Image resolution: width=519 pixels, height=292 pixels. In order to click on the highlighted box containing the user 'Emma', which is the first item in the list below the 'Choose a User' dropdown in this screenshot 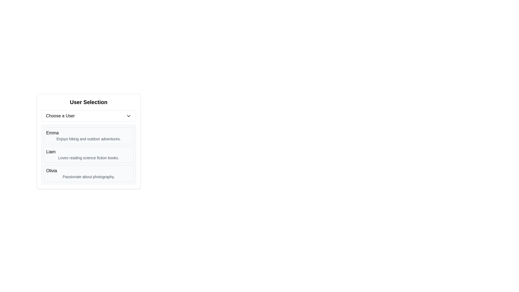, I will do `click(88, 135)`.